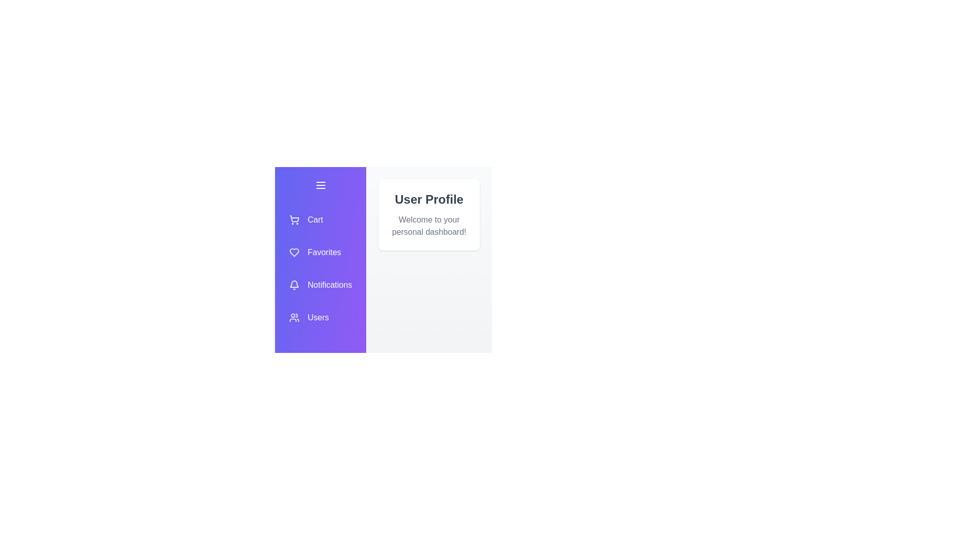 This screenshot has height=550, width=978. Describe the element at coordinates (320, 285) in the screenshot. I see `the Notifications icon in the drawer menu` at that location.